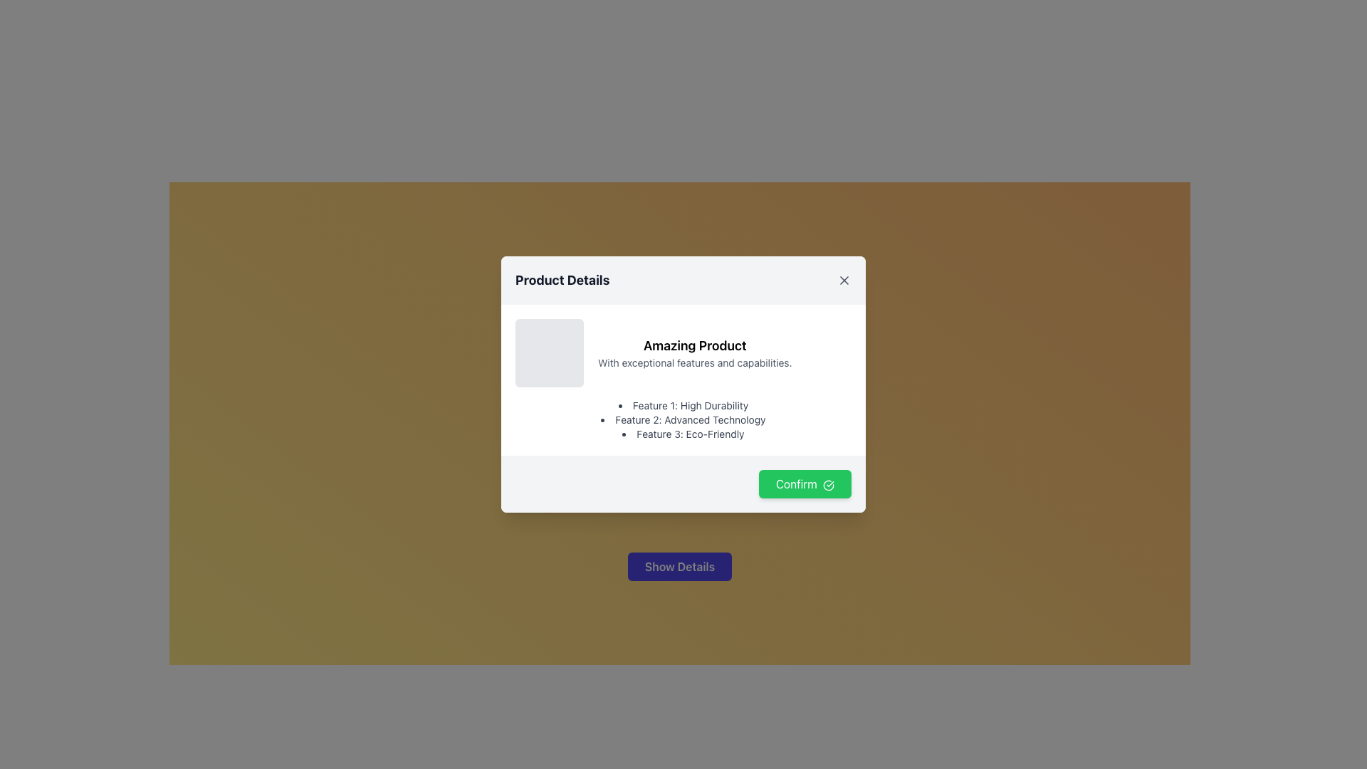  I want to click on the confirmation button located at the bottom-right corner of the modal dialog to confirm the action, so click(805, 483).